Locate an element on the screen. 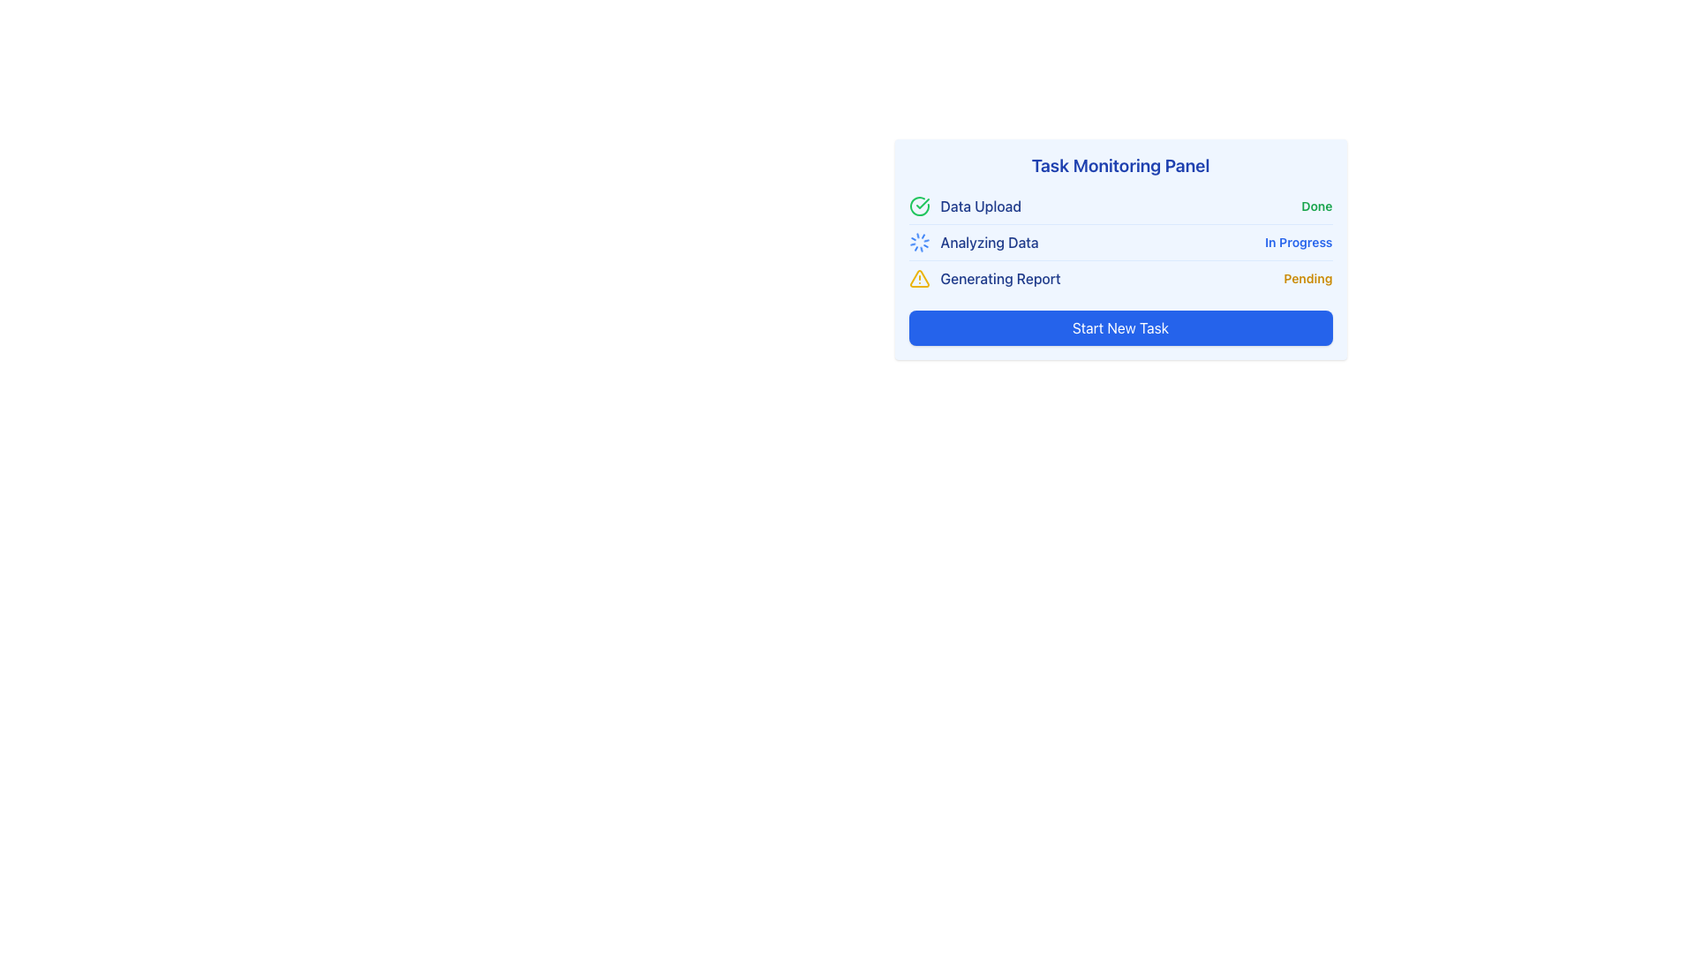  task name 'Generating Report' and its status 'Pending' from the third item in the vertical list of task statuses in the monitoring panel is located at coordinates (1119, 278).